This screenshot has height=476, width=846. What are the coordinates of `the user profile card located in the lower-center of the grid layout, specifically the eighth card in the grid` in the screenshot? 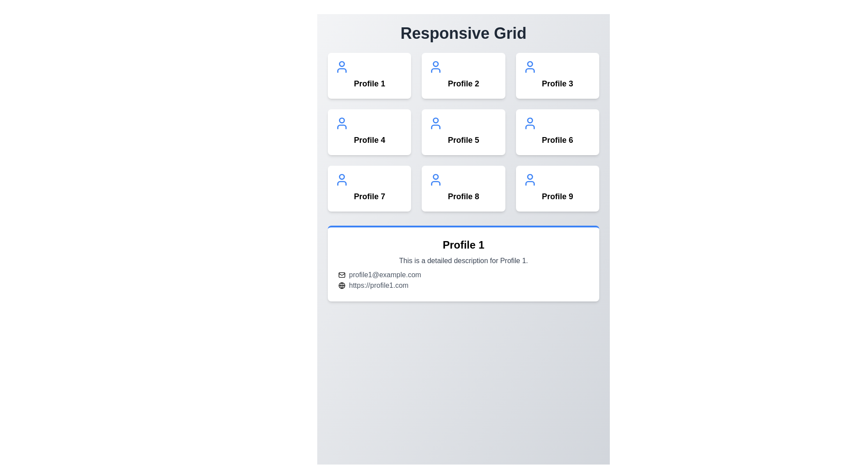 It's located at (463, 188).